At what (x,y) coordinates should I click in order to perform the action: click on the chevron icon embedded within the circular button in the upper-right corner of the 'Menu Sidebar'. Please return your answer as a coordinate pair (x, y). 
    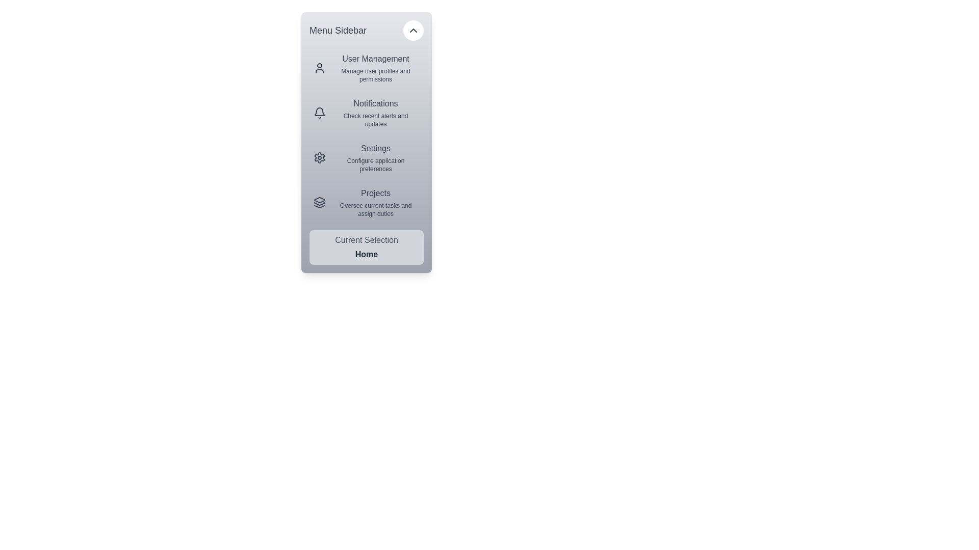
    Looking at the image, I should click on (414, 30).